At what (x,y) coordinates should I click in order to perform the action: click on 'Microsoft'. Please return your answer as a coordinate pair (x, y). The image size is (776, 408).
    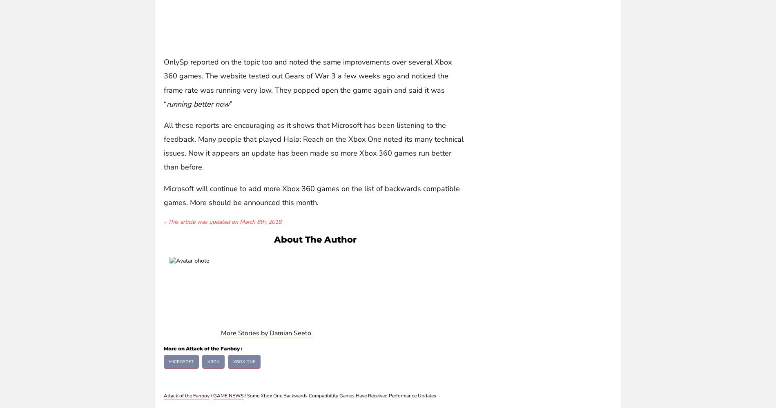
    Looking at the image, I should click on (181, 361).